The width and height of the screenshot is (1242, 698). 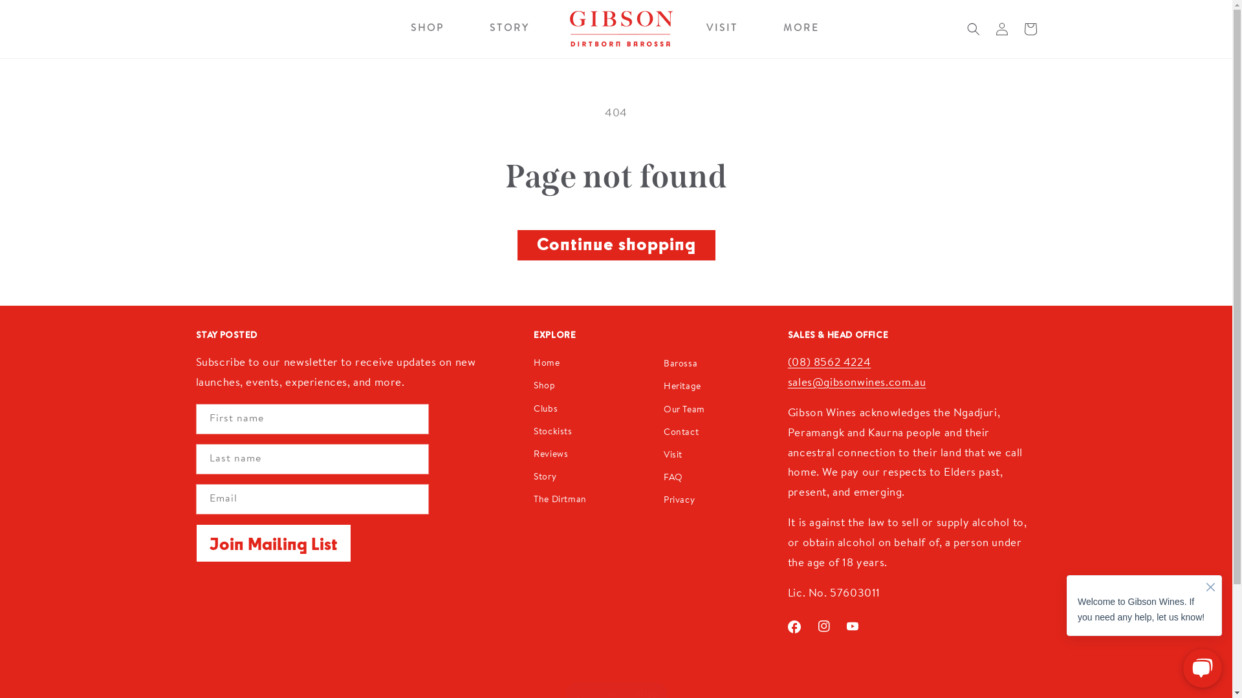 I want to click on 'Stockists', so click(x=534, y=432).